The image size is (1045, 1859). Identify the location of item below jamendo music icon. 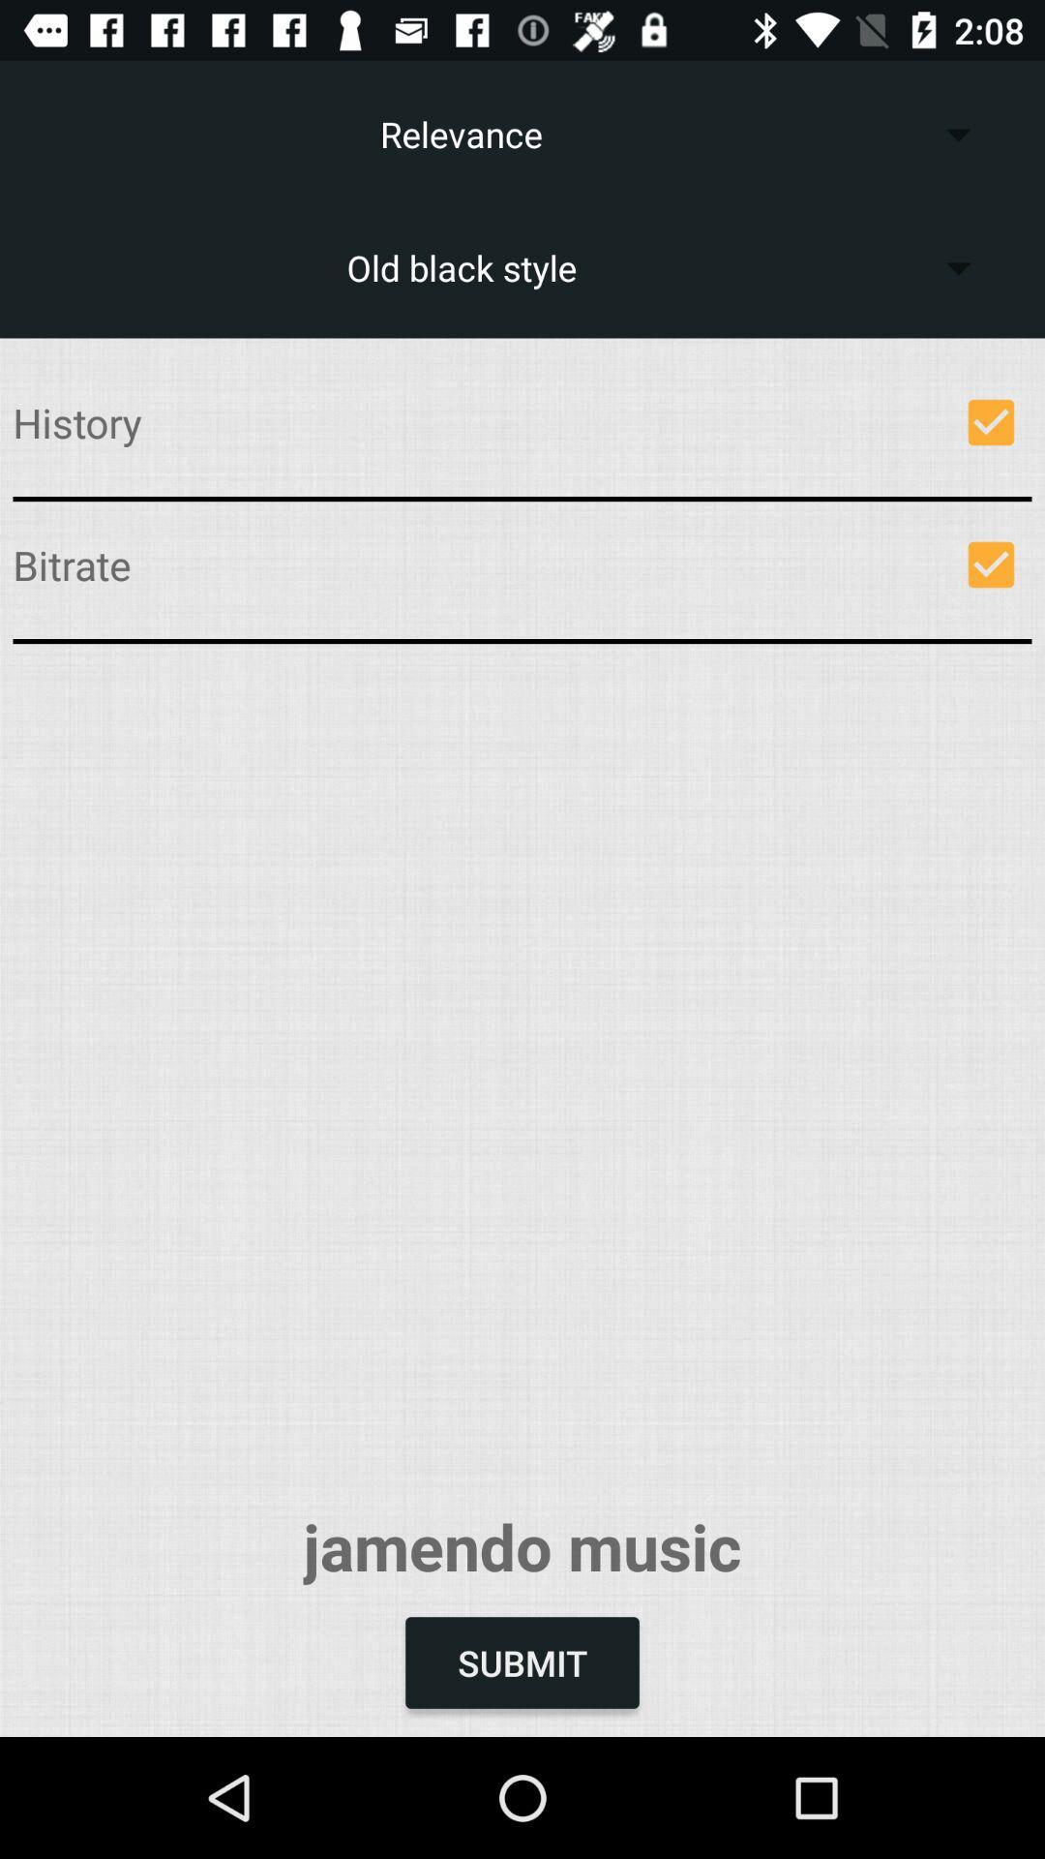
(522, 1661).